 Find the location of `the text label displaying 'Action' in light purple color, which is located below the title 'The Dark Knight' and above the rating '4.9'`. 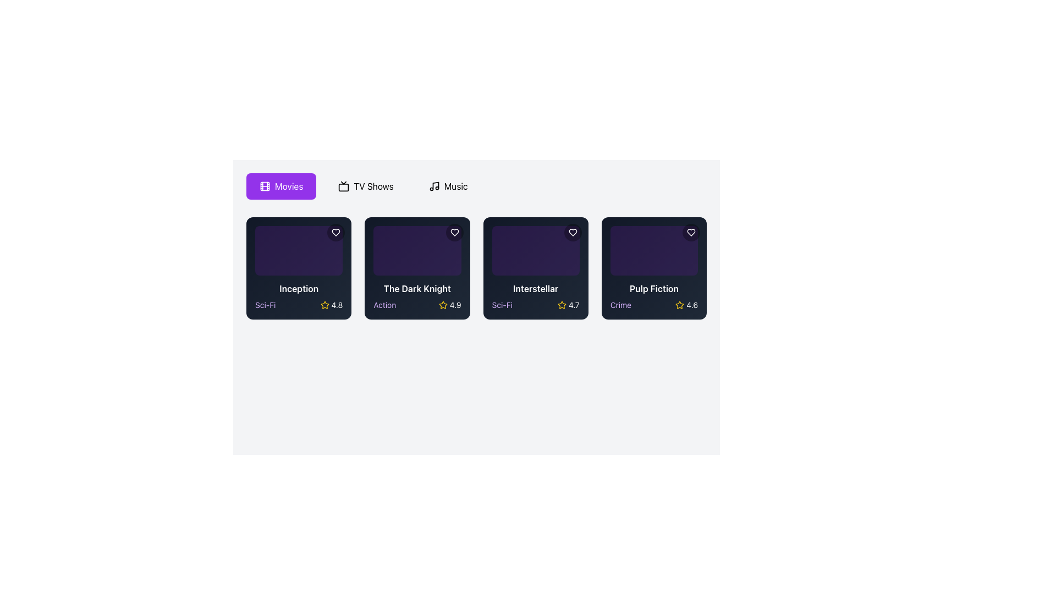

the text label displaying 'Action' in light purple color, which is located below the title 'The Dark Knight' and above the rating '4.9' is located at coordinates (384, 305).